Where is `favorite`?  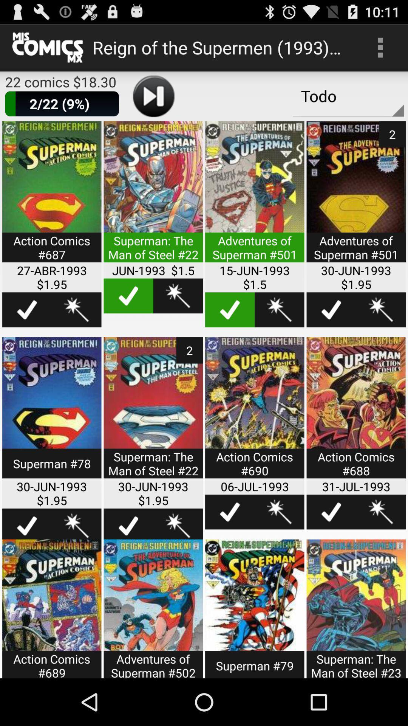
favorite is located at coordinates (178, 295).